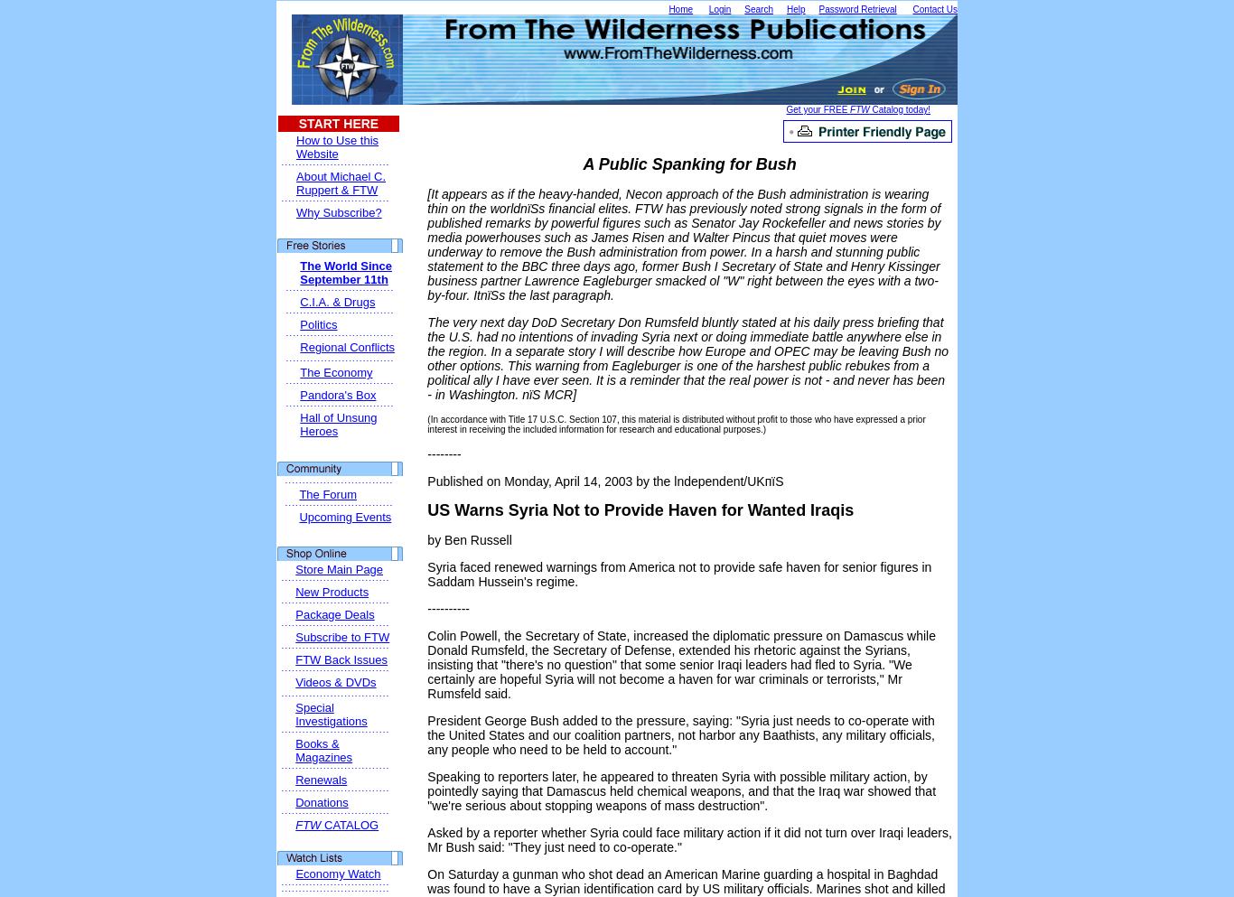  What do you see at coordinates (598, 193) in the screenshot?
I see `'handed,'` at bounding box center [598, 193].